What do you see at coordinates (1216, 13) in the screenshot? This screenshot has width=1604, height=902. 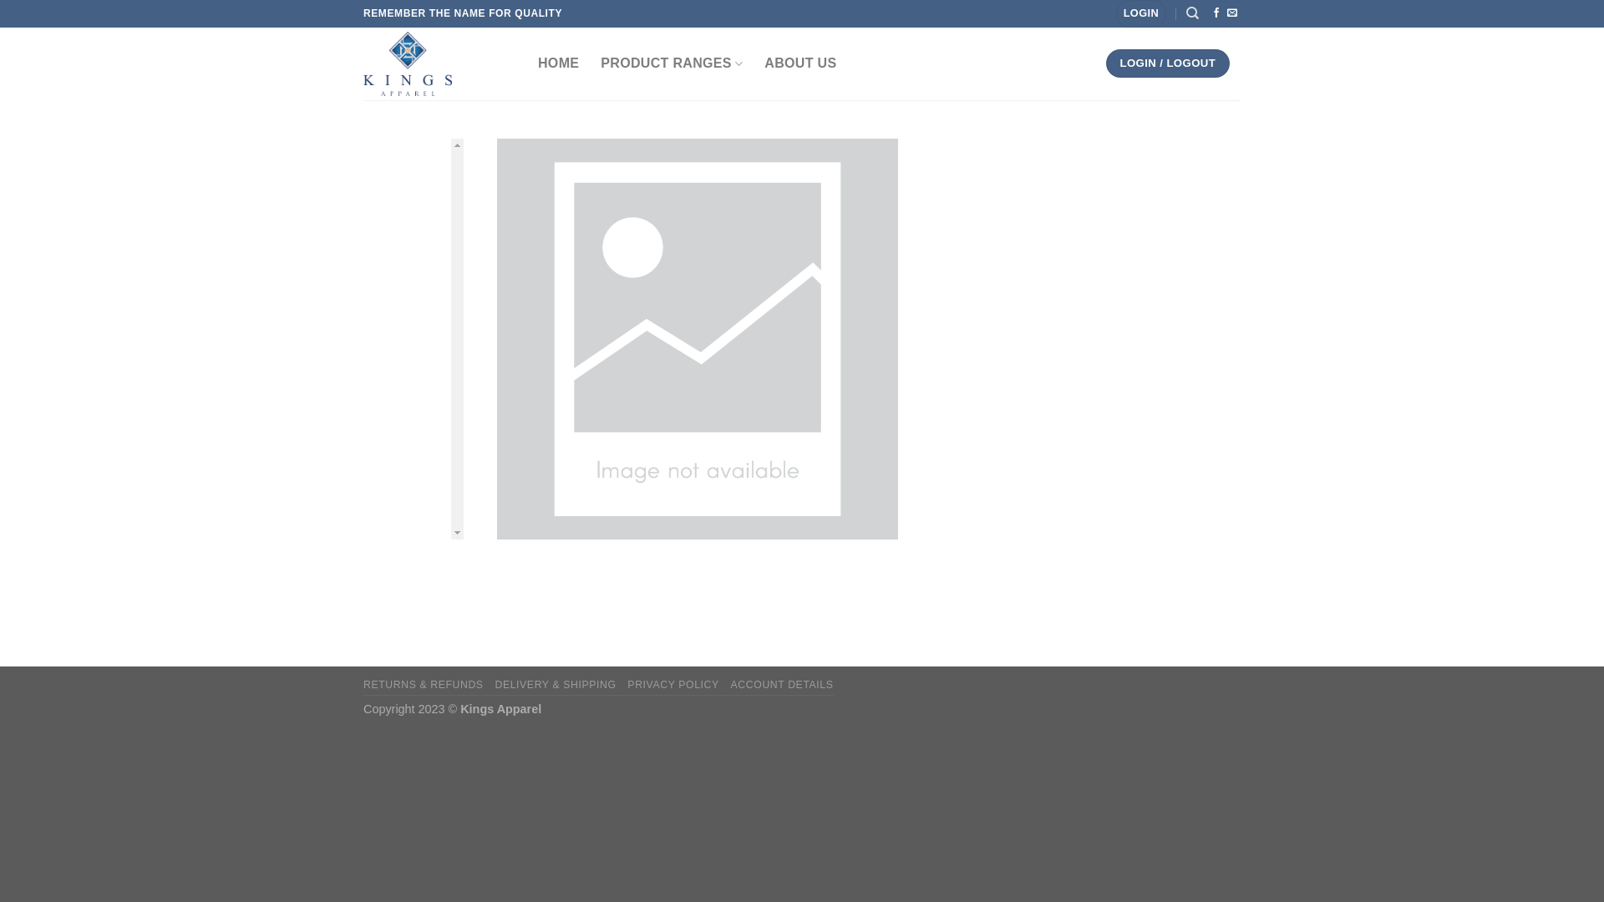 I see `'Follow on Facebook'` at bounding box center [1216, 13].